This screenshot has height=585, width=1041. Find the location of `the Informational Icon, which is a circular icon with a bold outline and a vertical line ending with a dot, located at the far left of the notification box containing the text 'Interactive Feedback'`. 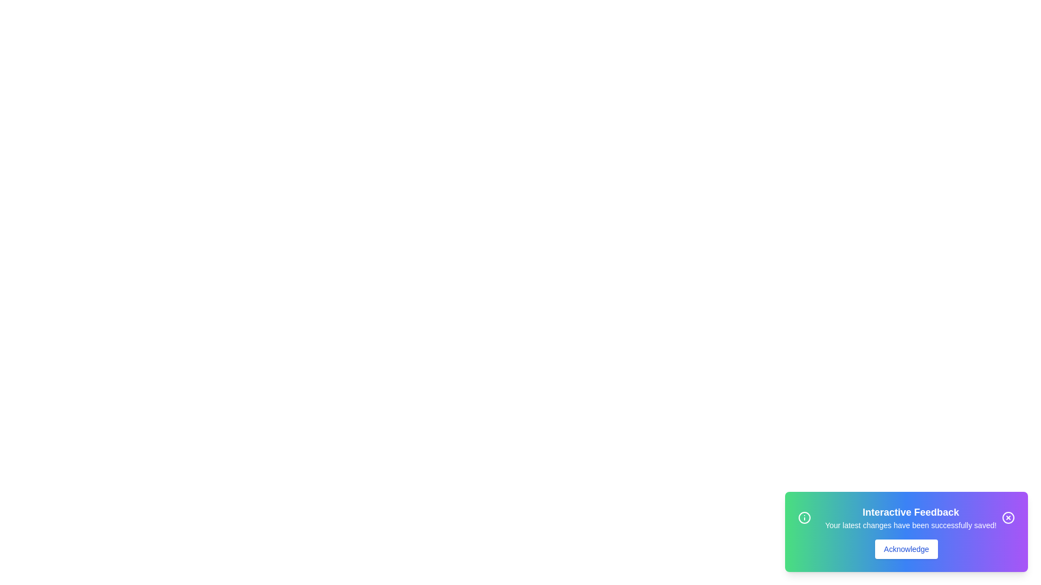

the Informational Icon, which is a circular icon with a bold outline and a vertical line ending with a dot, located at the far left of the notification box containing the text 'Interactive Feedback' is located at coordinates (804, 517).